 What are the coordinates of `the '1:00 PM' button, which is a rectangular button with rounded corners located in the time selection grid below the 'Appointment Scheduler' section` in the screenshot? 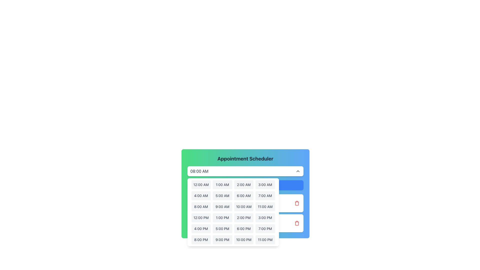 It's located at (222, 217).